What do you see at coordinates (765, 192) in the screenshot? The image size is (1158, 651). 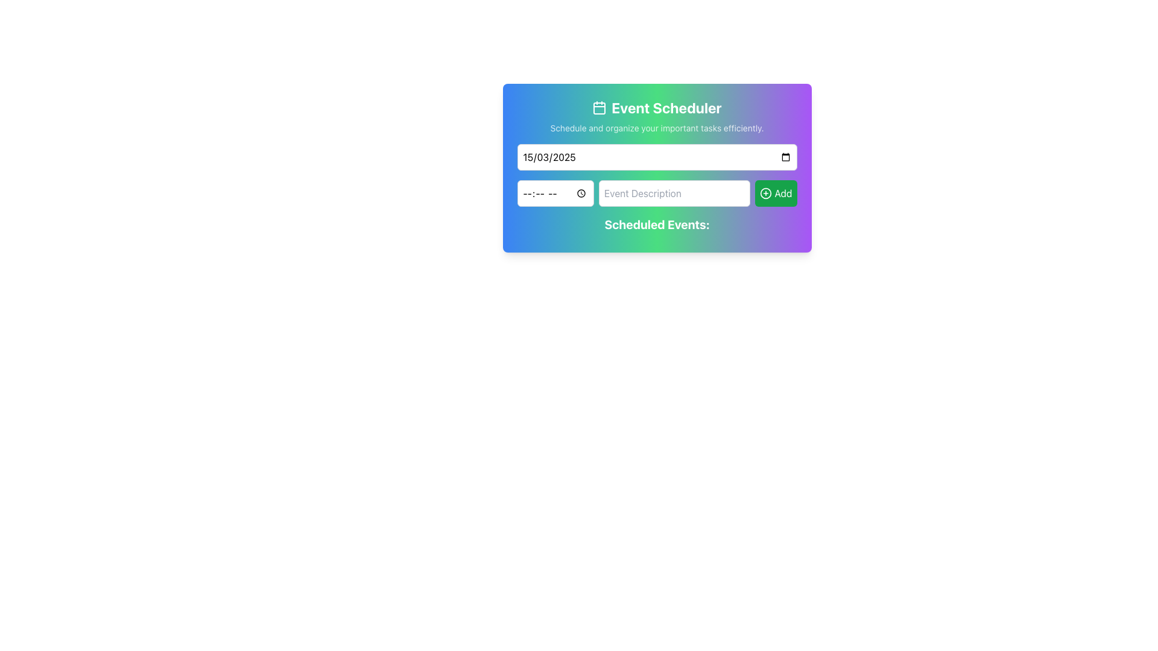 I see `the circular 'Add' icon with a plus sign in the center, located in the bottom right corner of the main interface area` at bounding box center [765, 192].